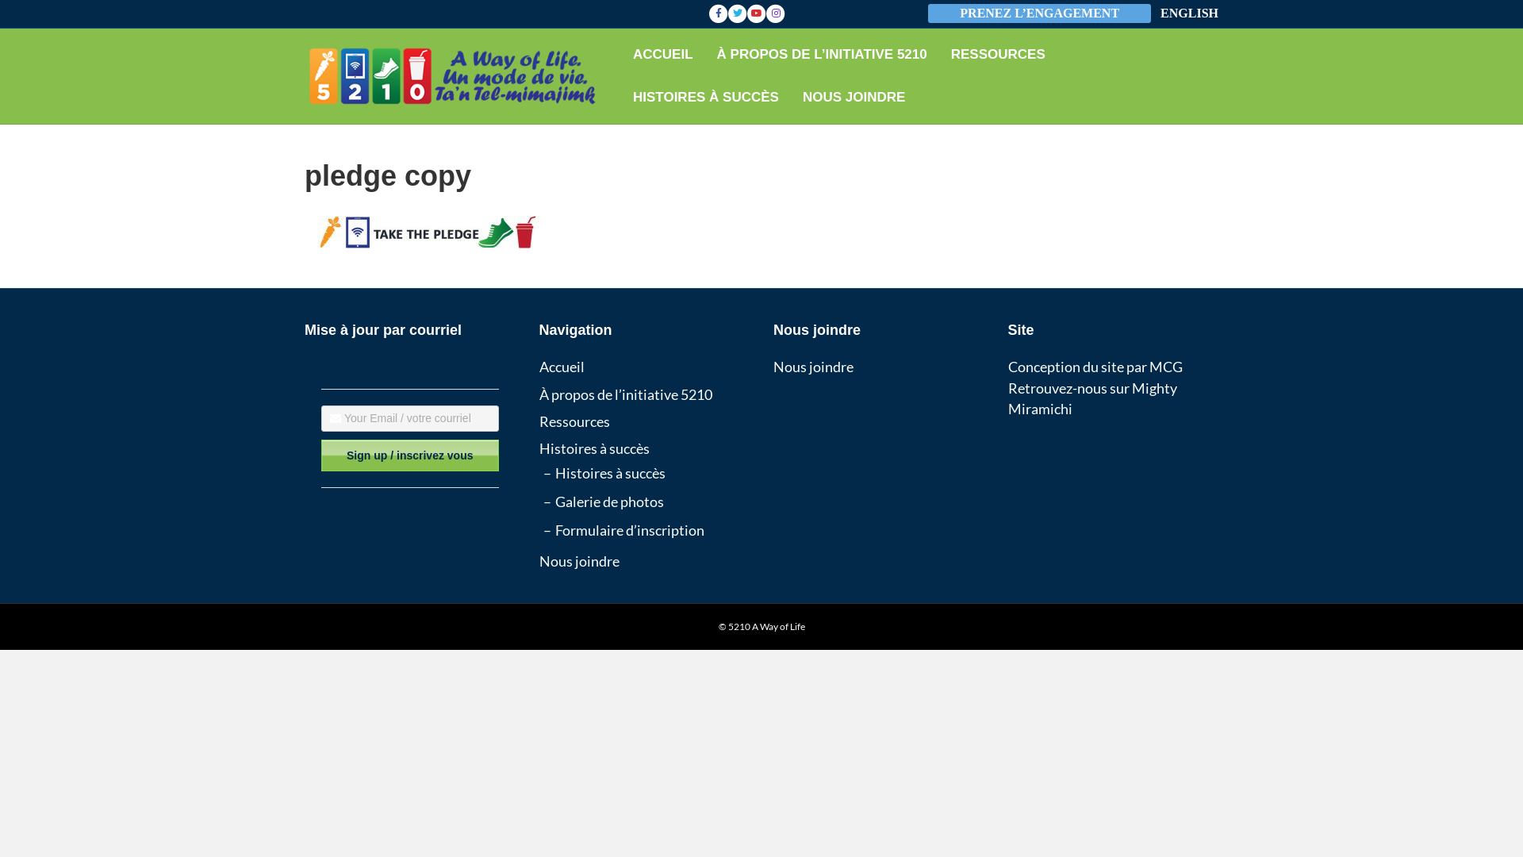  Describe the element at coordinates (939, 54) in the screenshot. I see `'RESSOURCES'` at that location.